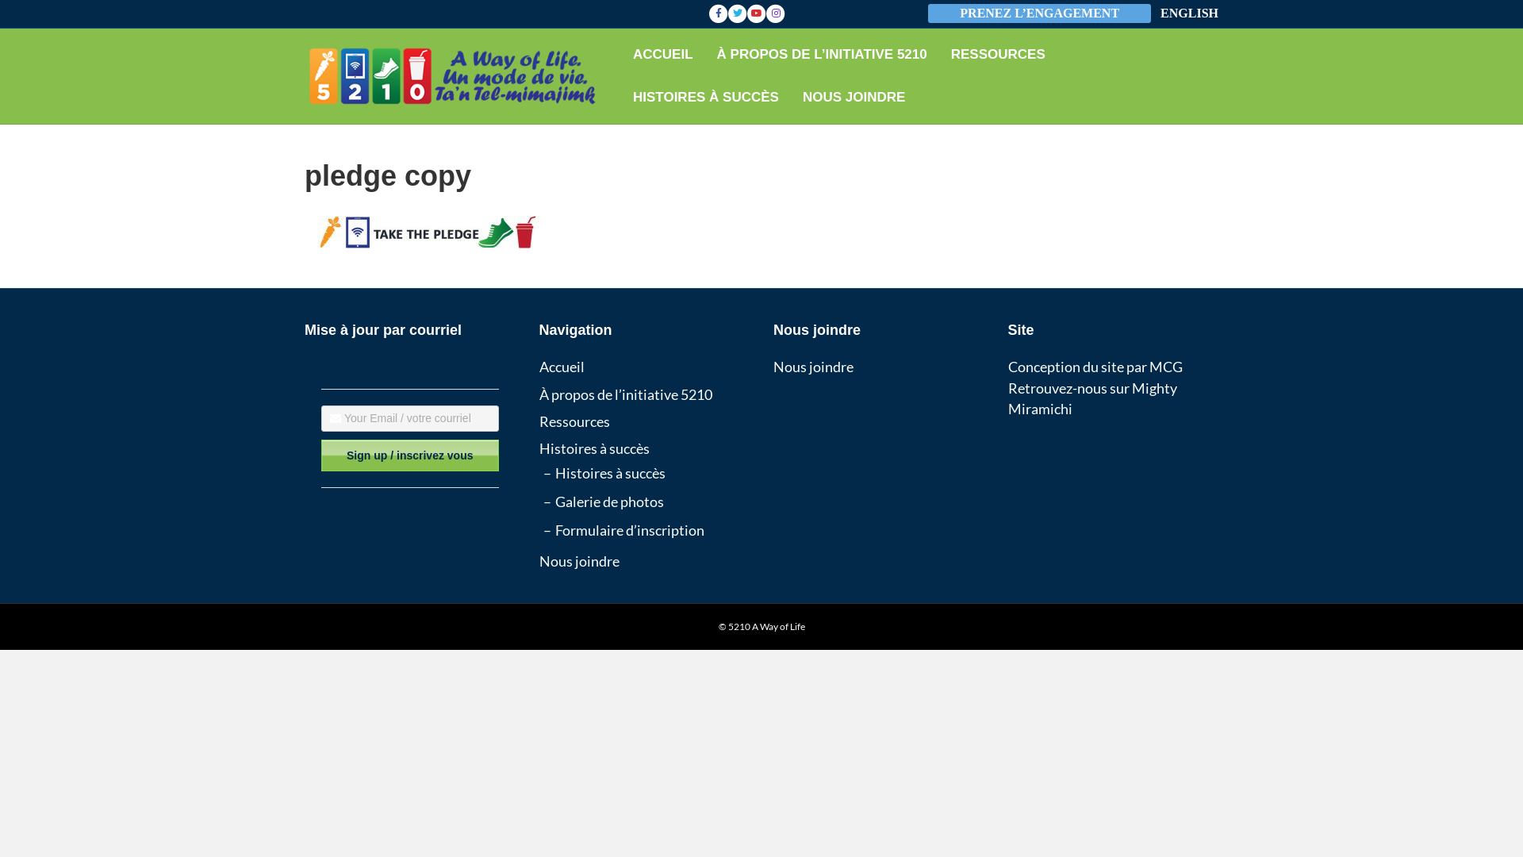  Describe the element at coordinates (939, 54) in the screenshot. I see `'RESSOURCES'` at that location.